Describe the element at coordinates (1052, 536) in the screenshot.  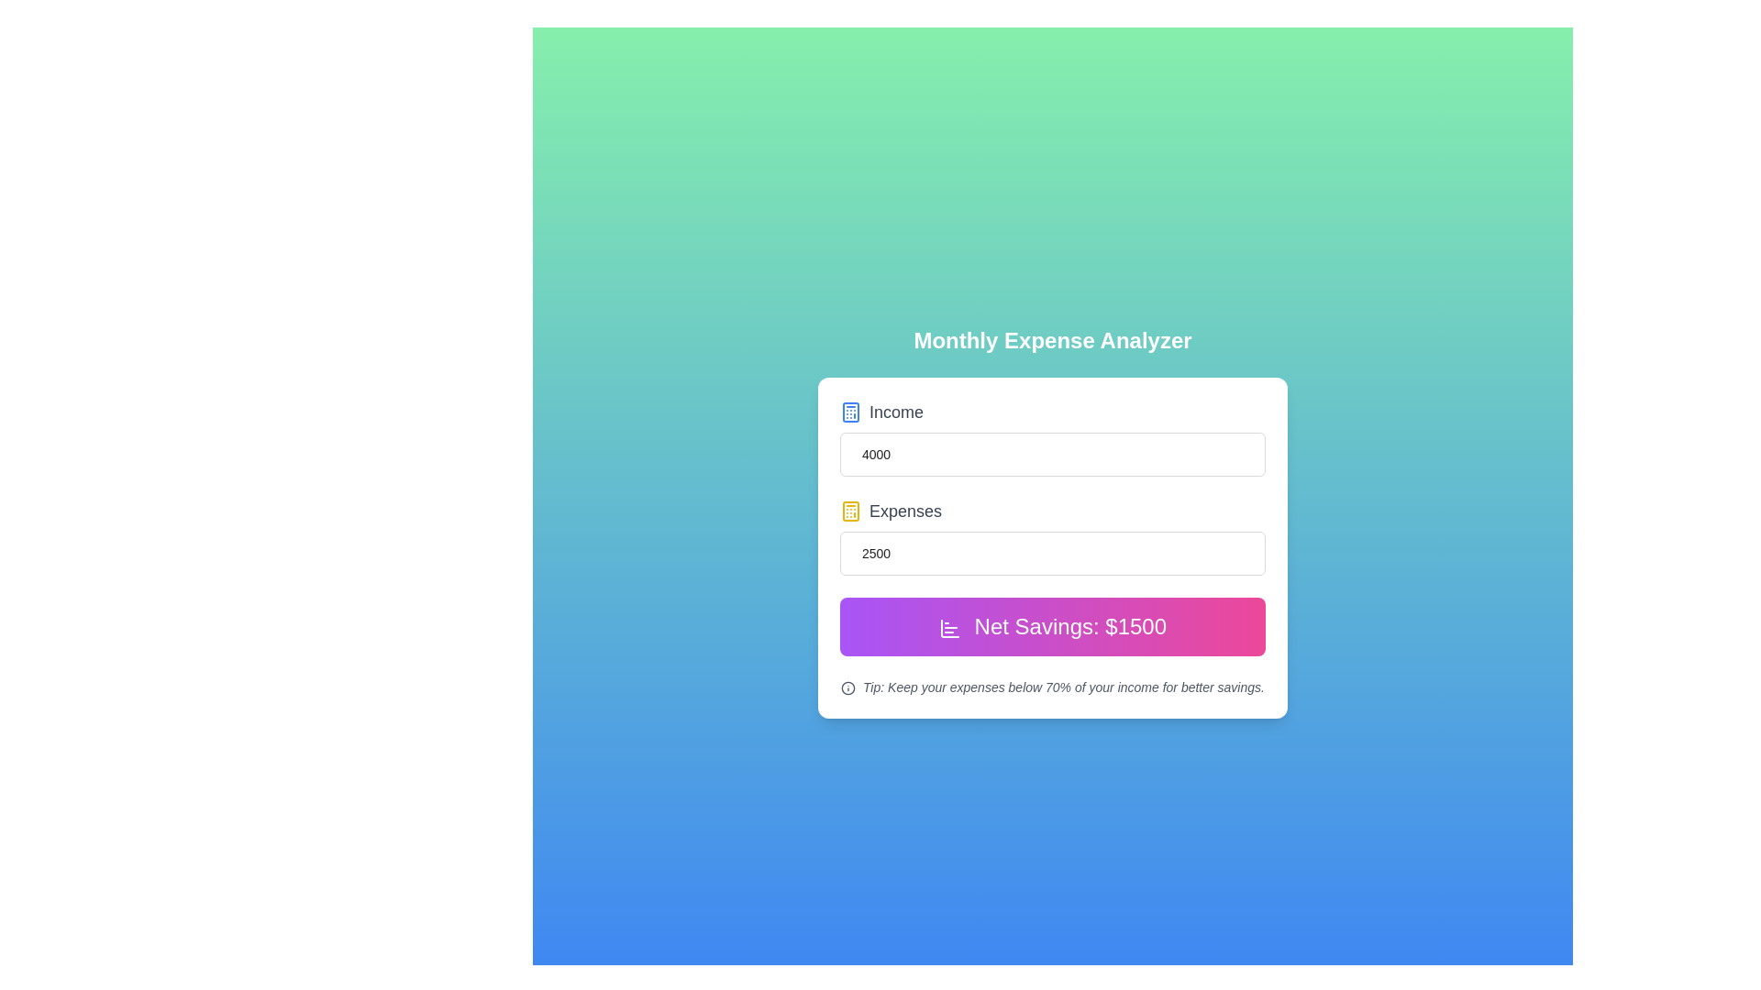
I see `the Numeric Input Field located directly below the 'Income' input field and above the pink 'Net Savings: $1500' button to focus on it` at that location.